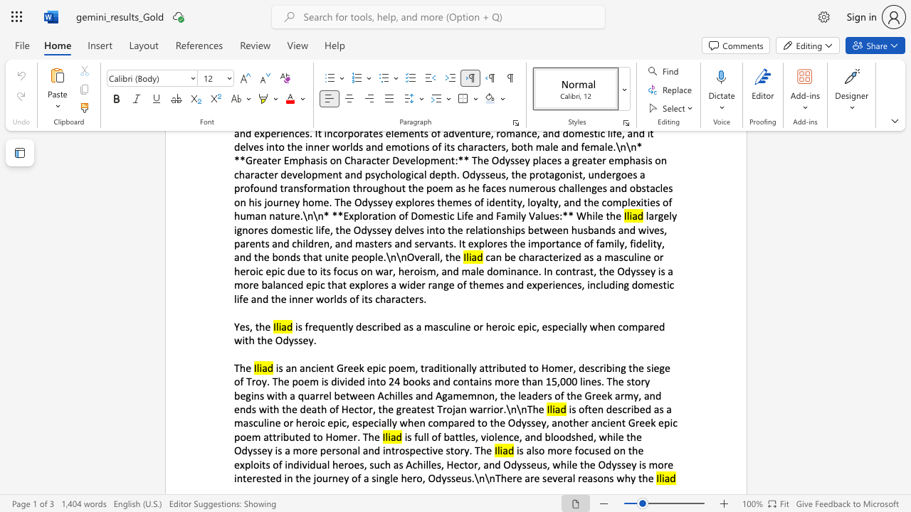 The height and width of the screenshot is (512, 911). I want to click on the subset text "s ful" within the text "is full of", so click(406, 436).